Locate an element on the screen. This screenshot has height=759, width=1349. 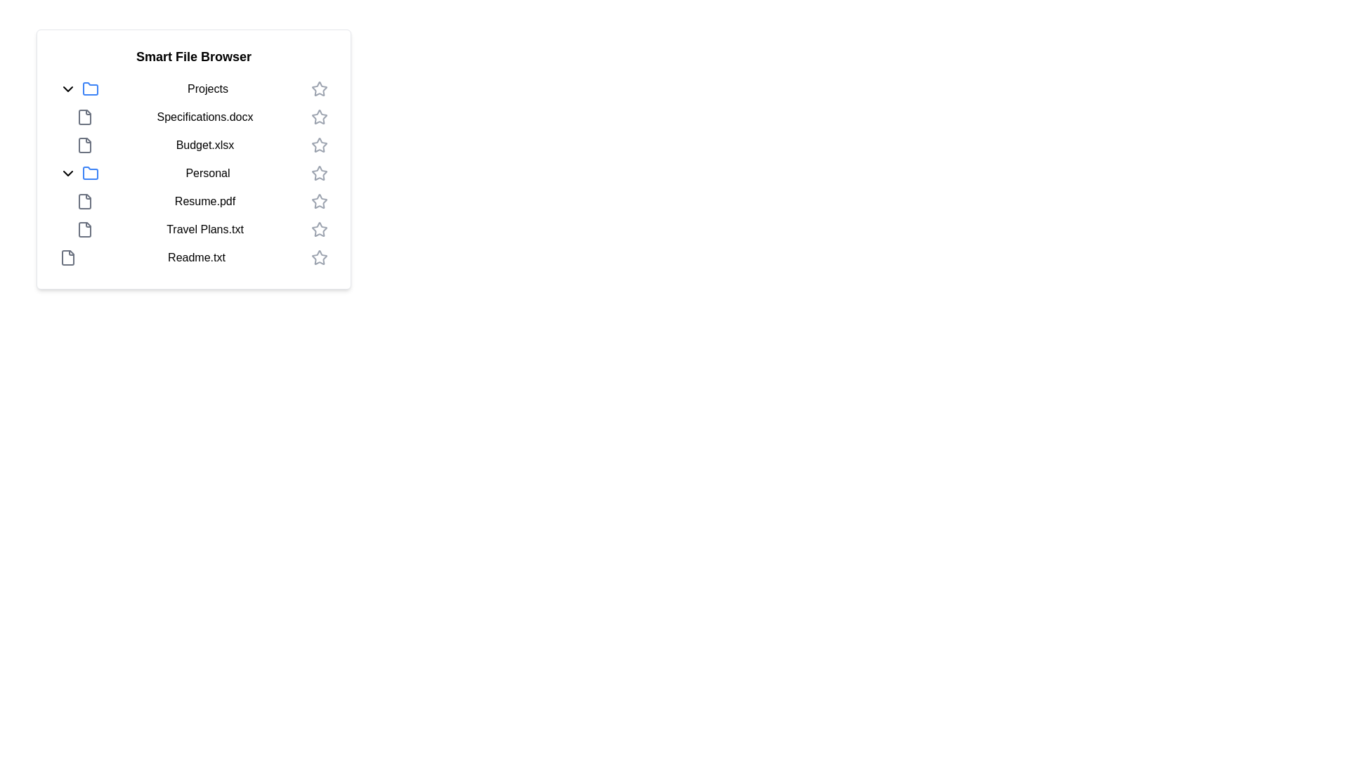
the text label associated with the file named 'Specifications.docx' is located at coordinates (204, 116).